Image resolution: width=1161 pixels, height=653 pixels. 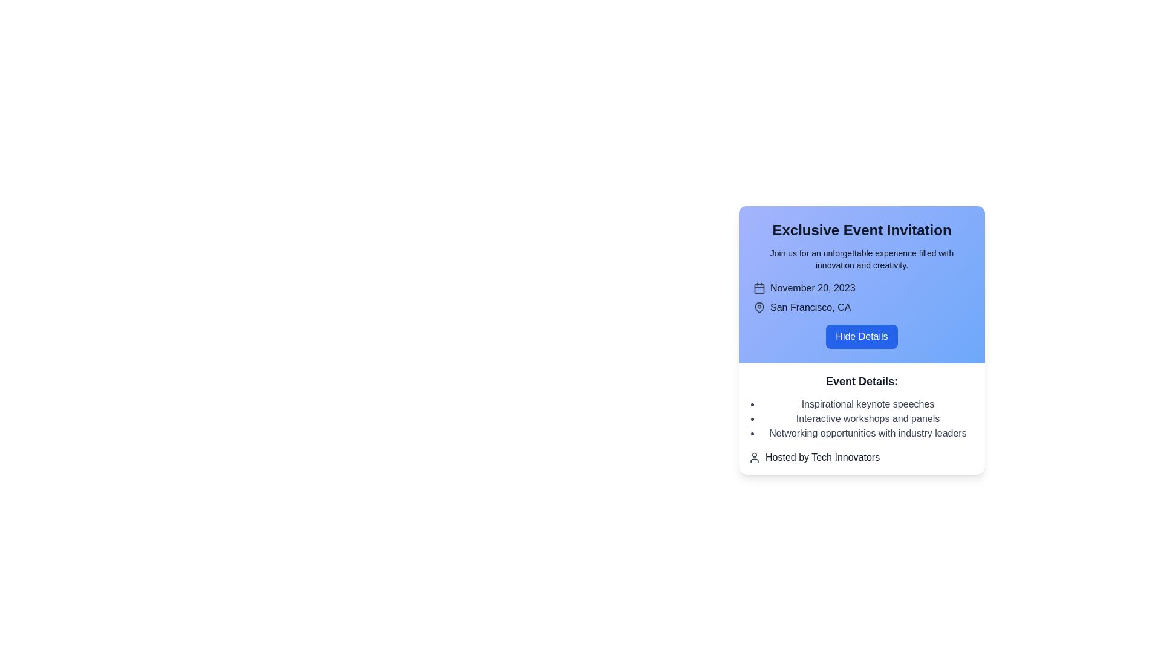 I want to click on the user profile icon located in the bottom-left section of the card element, which visually represents the user and precedes the text 'Hosted by Tech Innovators', so click(x=754, y=457).